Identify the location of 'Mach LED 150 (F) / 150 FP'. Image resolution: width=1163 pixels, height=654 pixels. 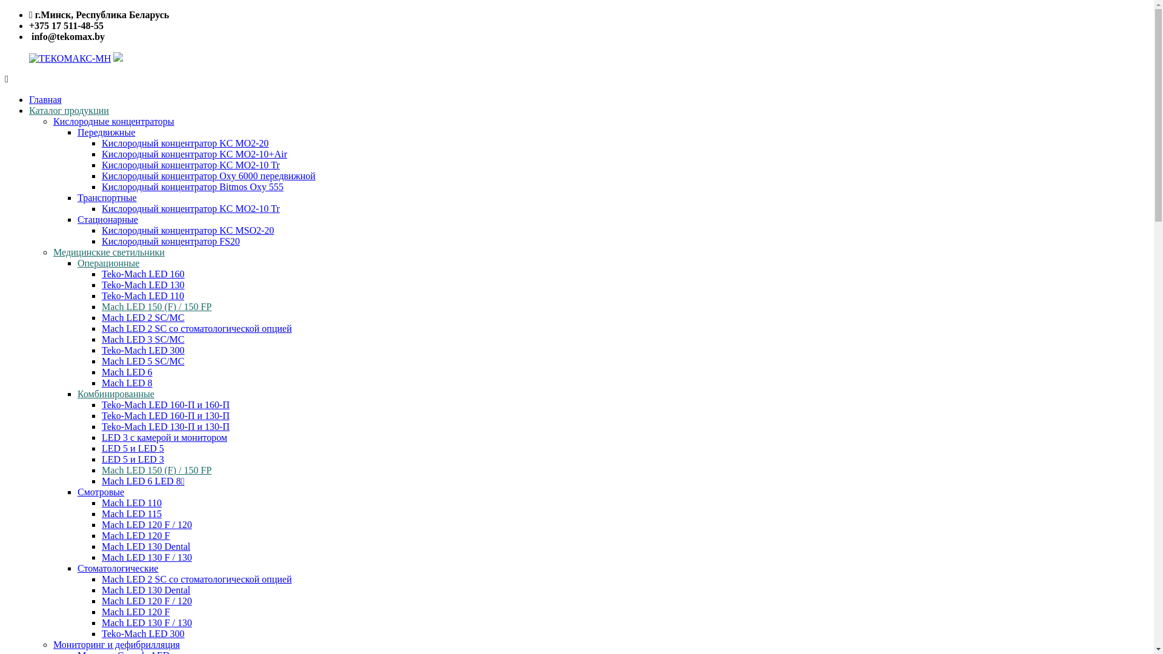
(156, 469).